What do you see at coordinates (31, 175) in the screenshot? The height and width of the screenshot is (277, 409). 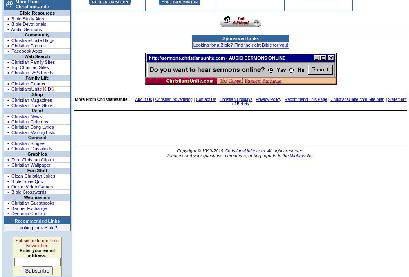 I see `'•  Clean Christian Jokes'` at bounding box center [31, 175].